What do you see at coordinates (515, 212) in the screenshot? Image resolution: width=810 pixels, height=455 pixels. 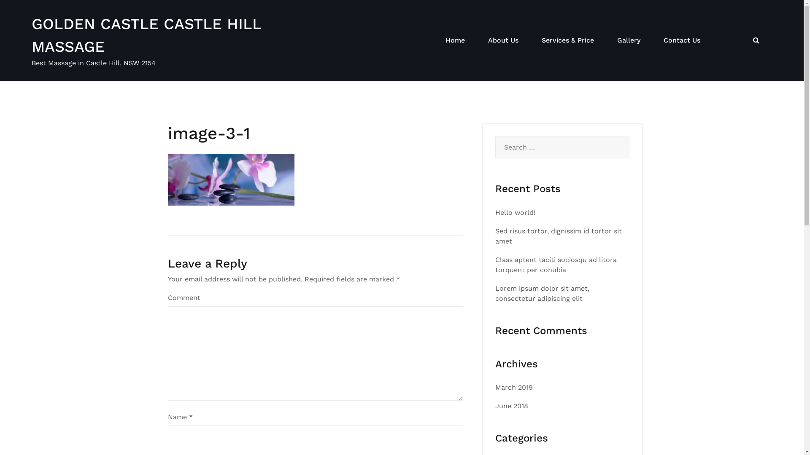 I see `'Hello world!'` at bounding box center [515, 212].